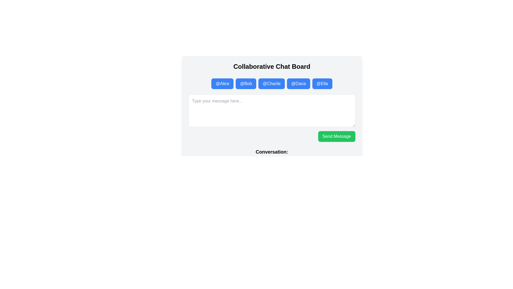 The height and width of the screenshot is (289, 513). Describe the element at coordinates (222, 83) in the screenshot. I see `the '@Alice' button, which is the first in a row of similar buttons on the Collaborative Chat Board` at that location.